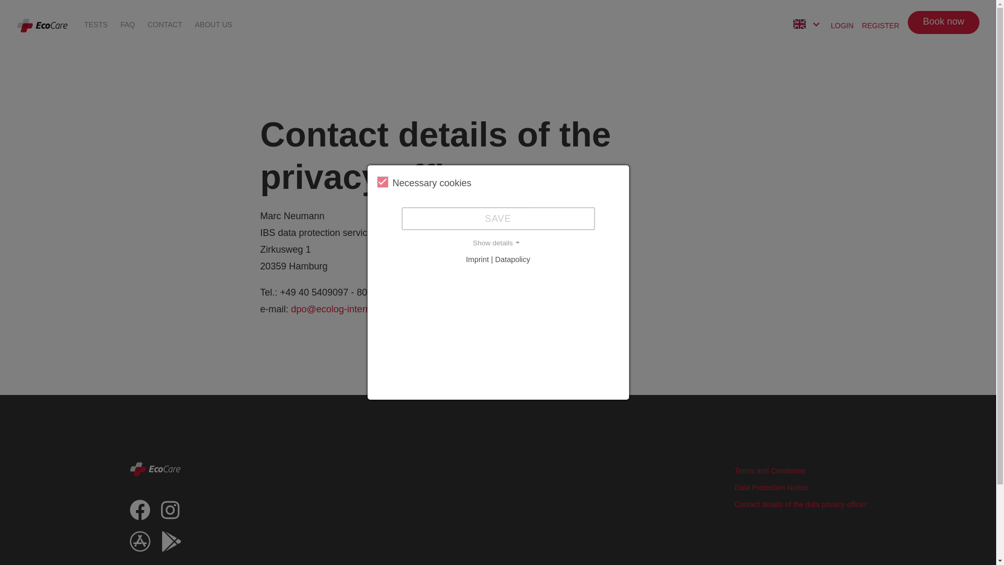 The height and width of the screenshot is (565, 1004). I want to click on 'Show details', so click(497, 243).